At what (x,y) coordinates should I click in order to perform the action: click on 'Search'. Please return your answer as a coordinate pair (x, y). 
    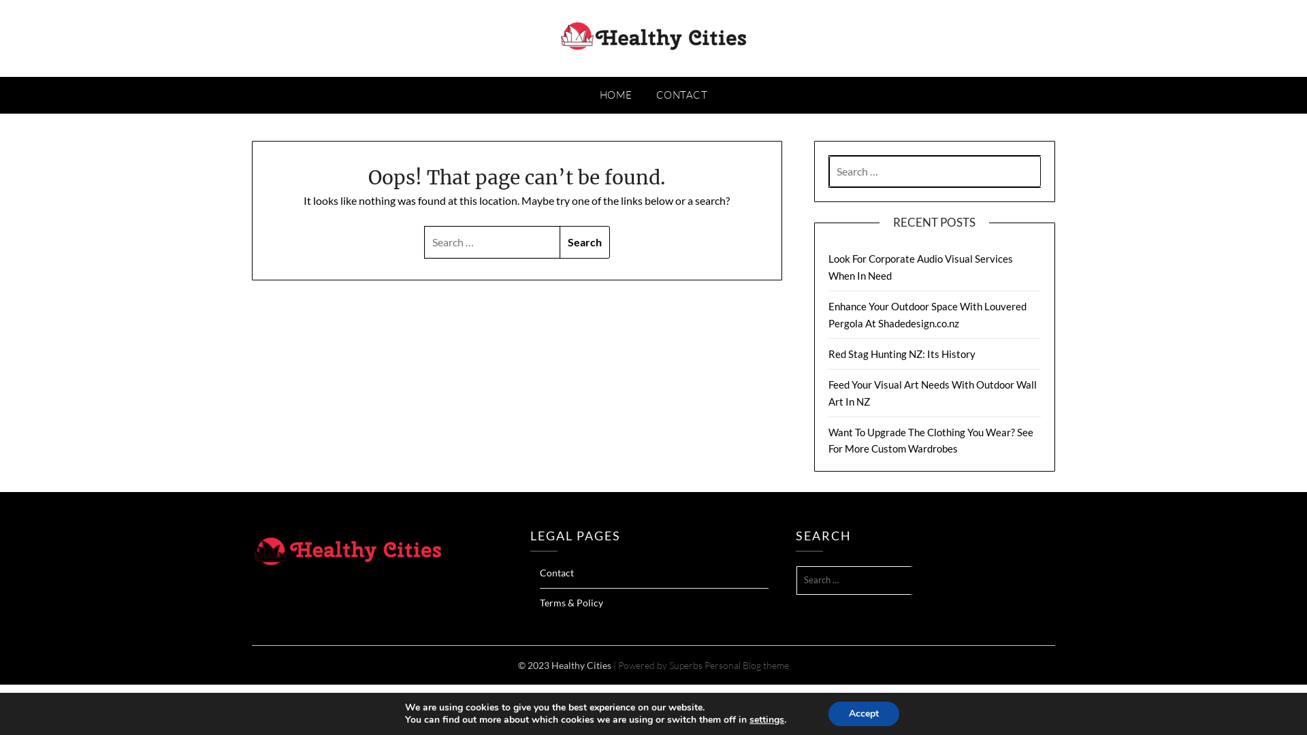
    Looking at the image, I should click on (559, 241).